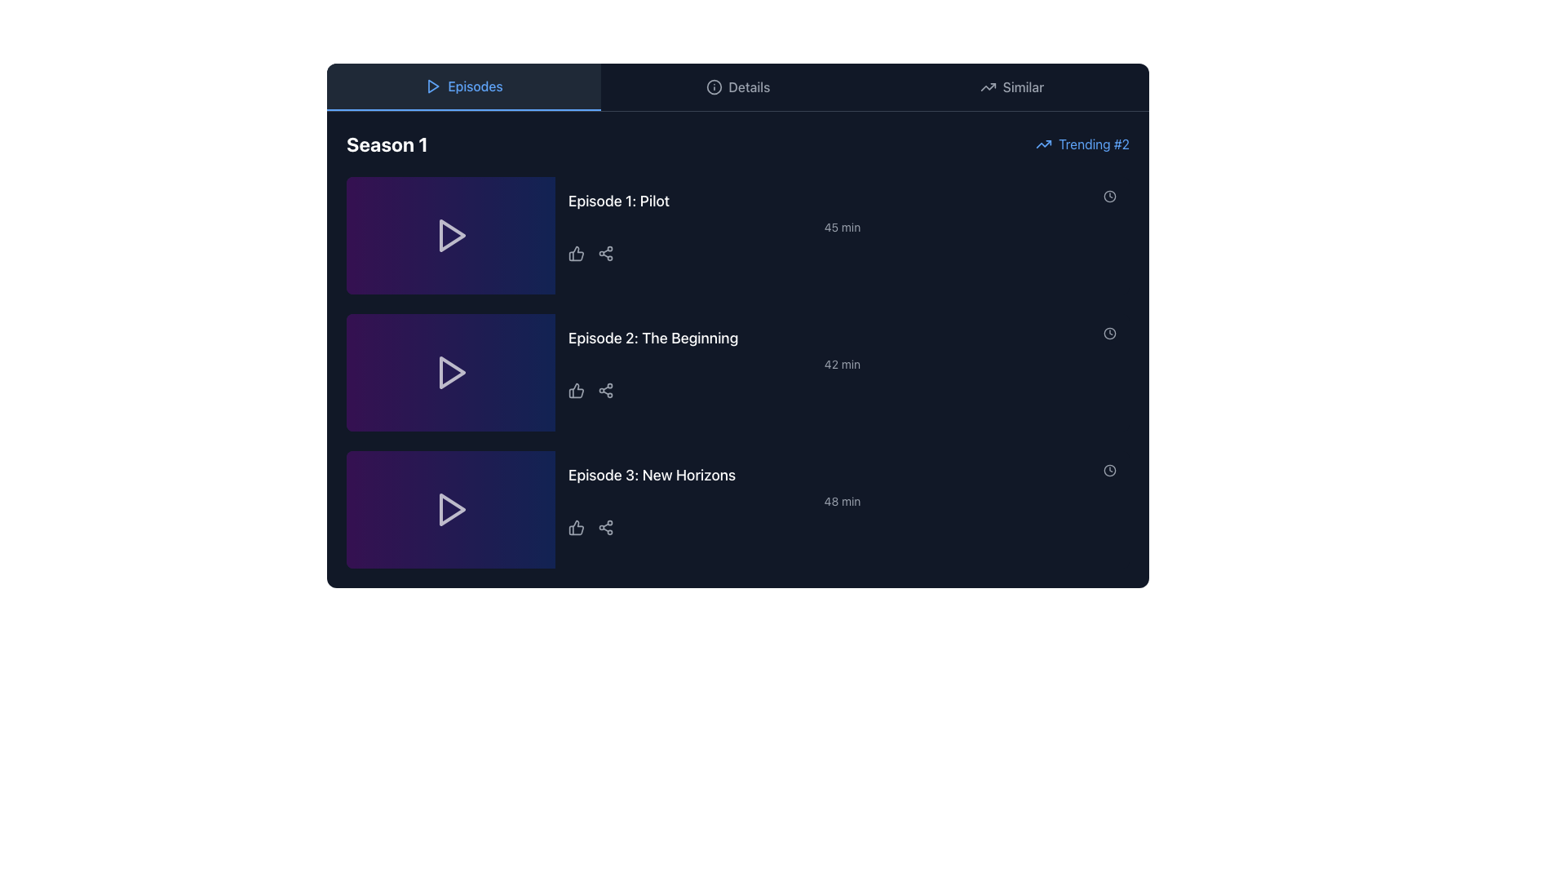 This screenshot has width=1566, height=881. Describe the element at coordinates (842, 500) in the screenshot. I see `the text label indicating the duration of 'Episode 3: New Horizons', which is located at the bottom-right of the card, below the main textual content` at that location.